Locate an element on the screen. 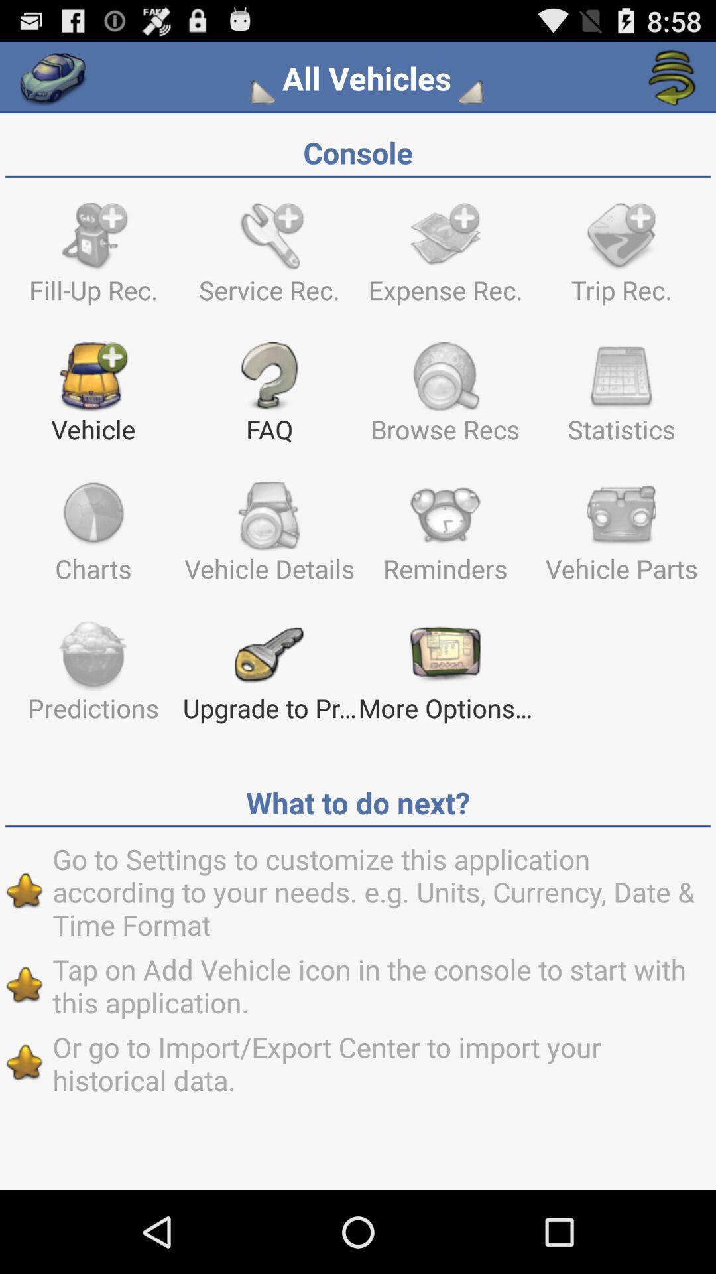 This screenshot has width=716, height=1274. the item to the left of more options... icon is located at coordinates (268, 677).